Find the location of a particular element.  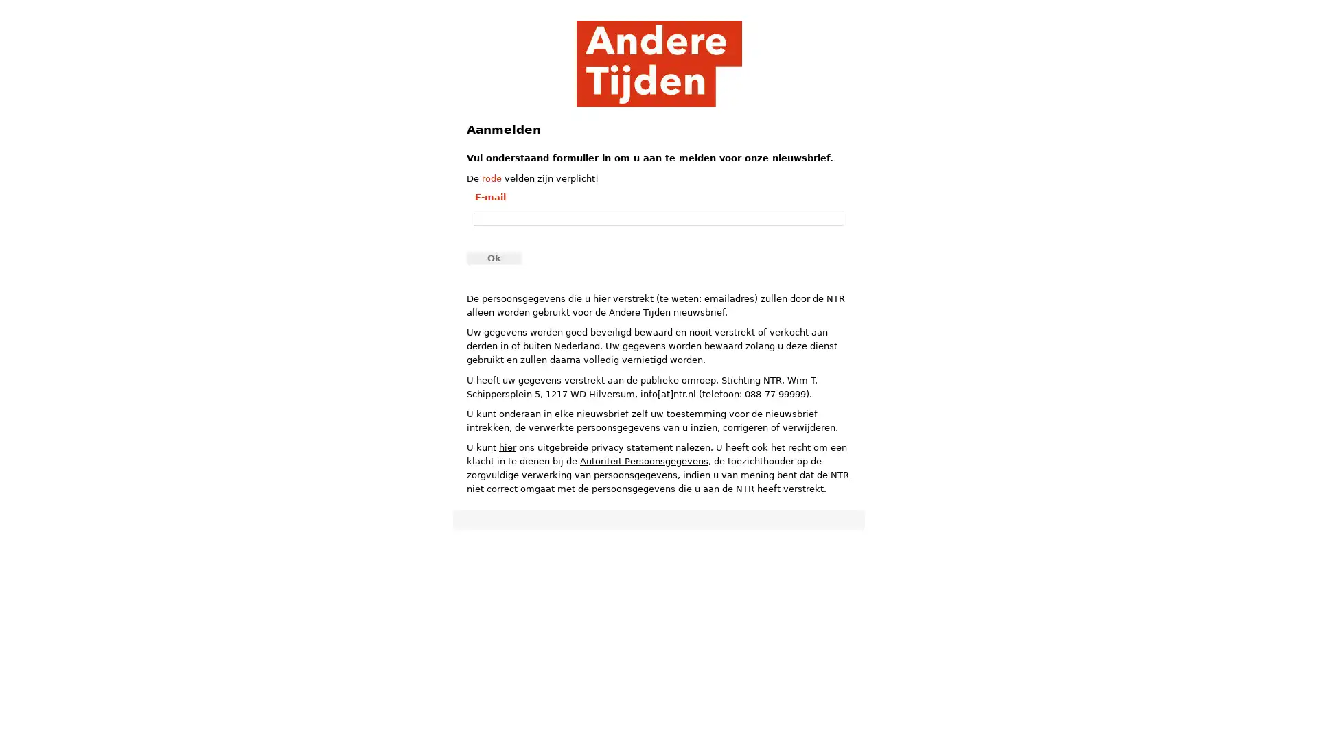

Ok is located at coordinates (494, 258).